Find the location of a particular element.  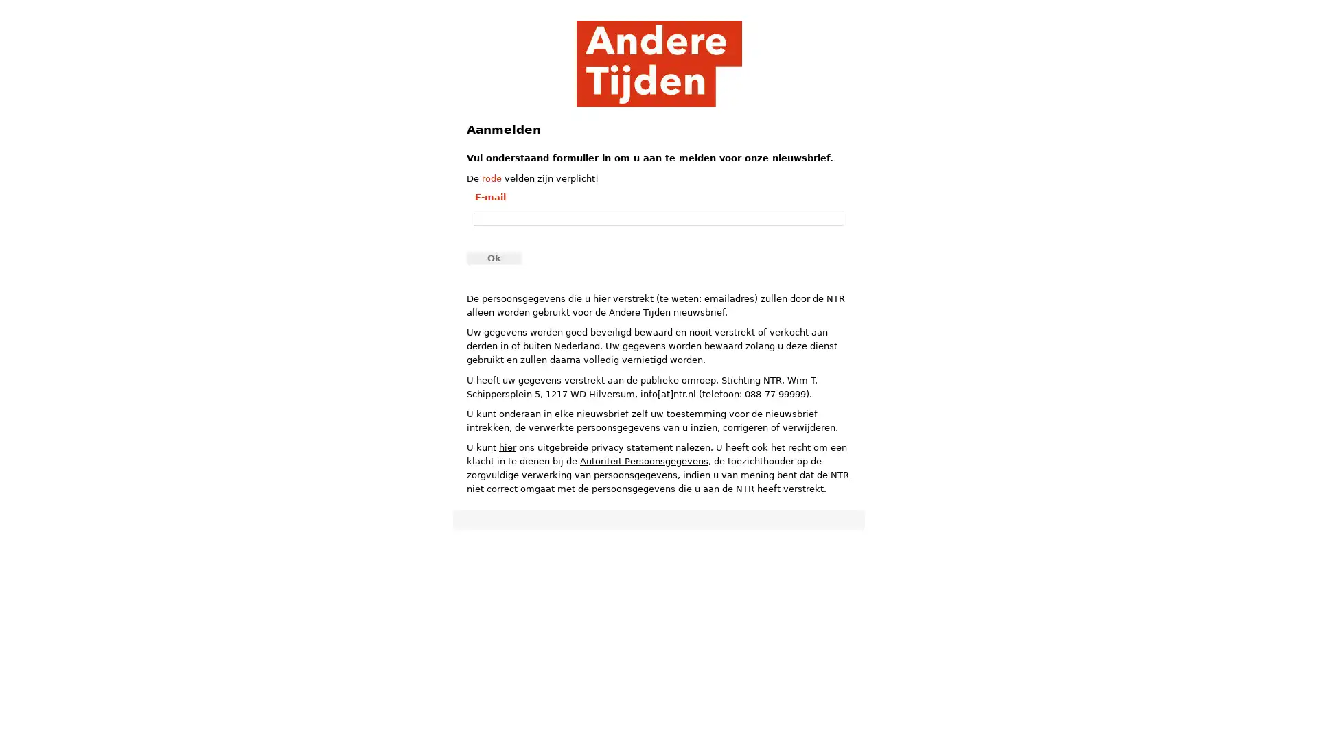

Ok is located at coordinates (494, 258).